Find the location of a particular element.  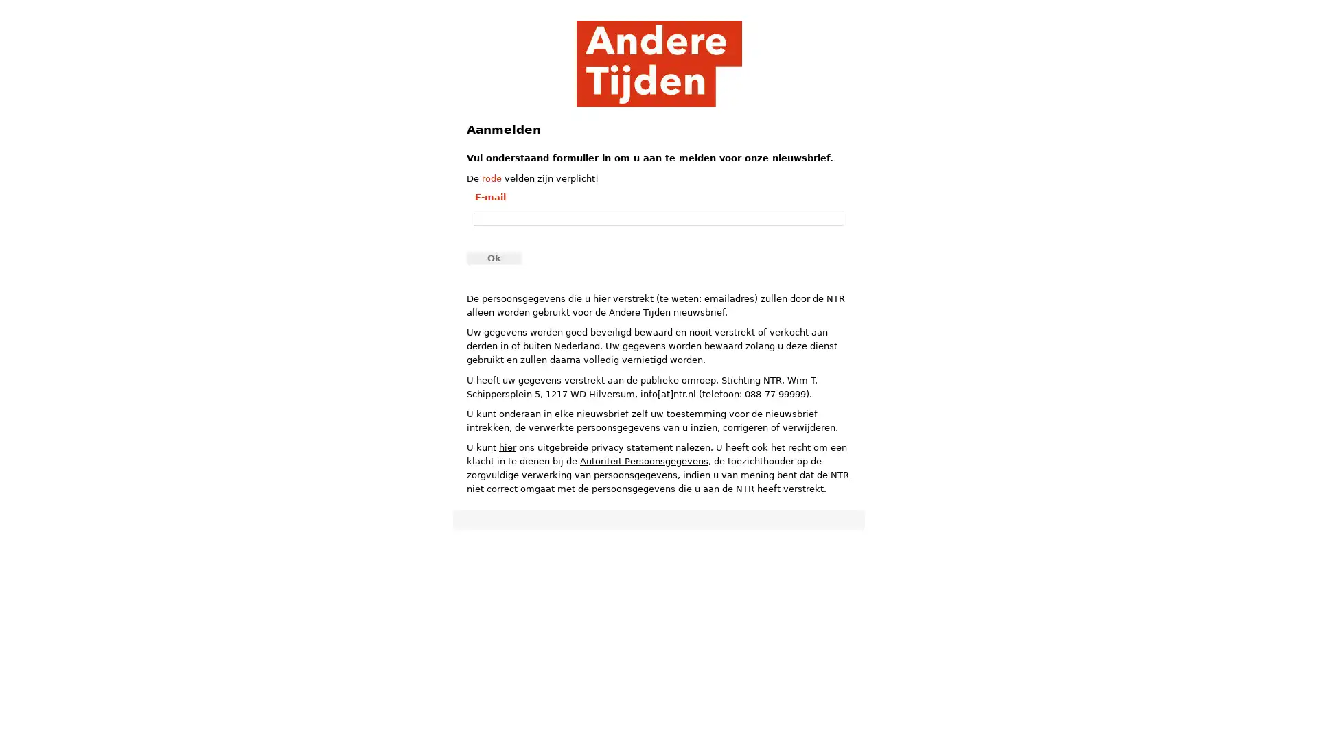

Ok is located at coordinates (494, 258).